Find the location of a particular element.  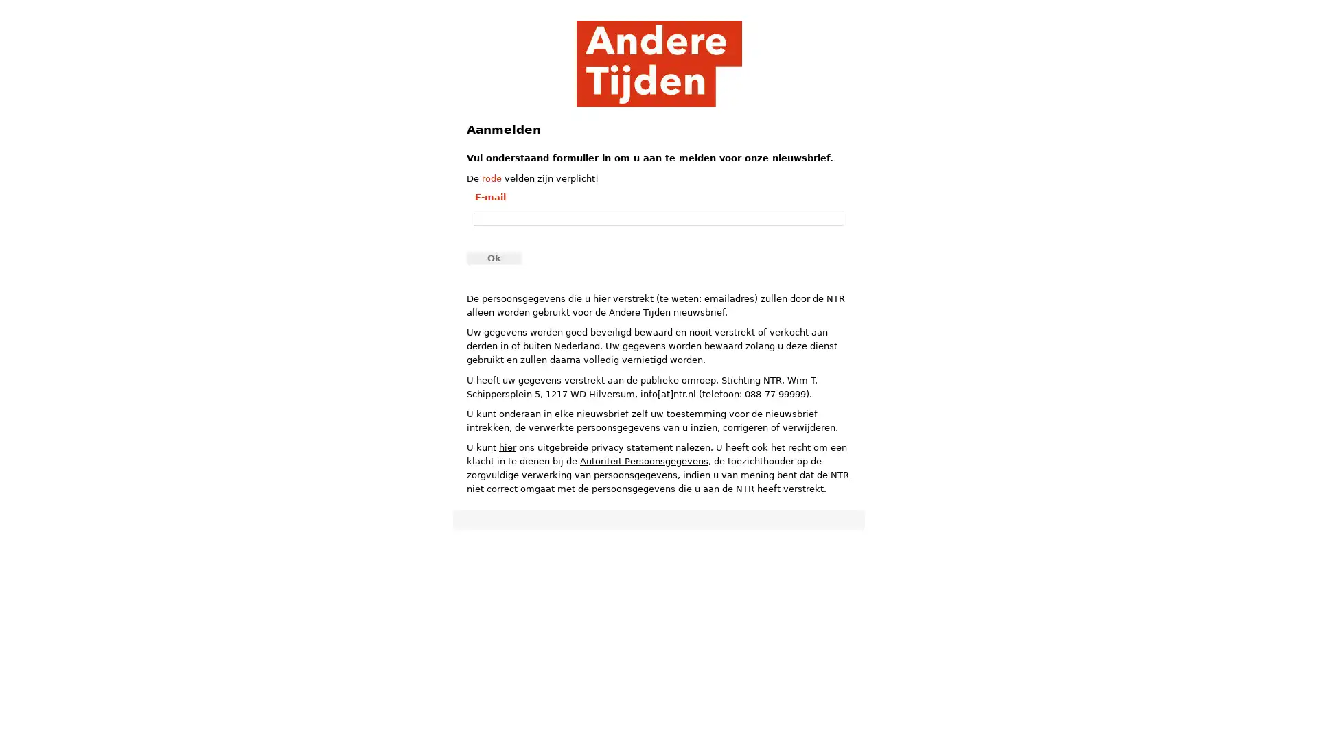

Ok is located at coordinates (494, 258).